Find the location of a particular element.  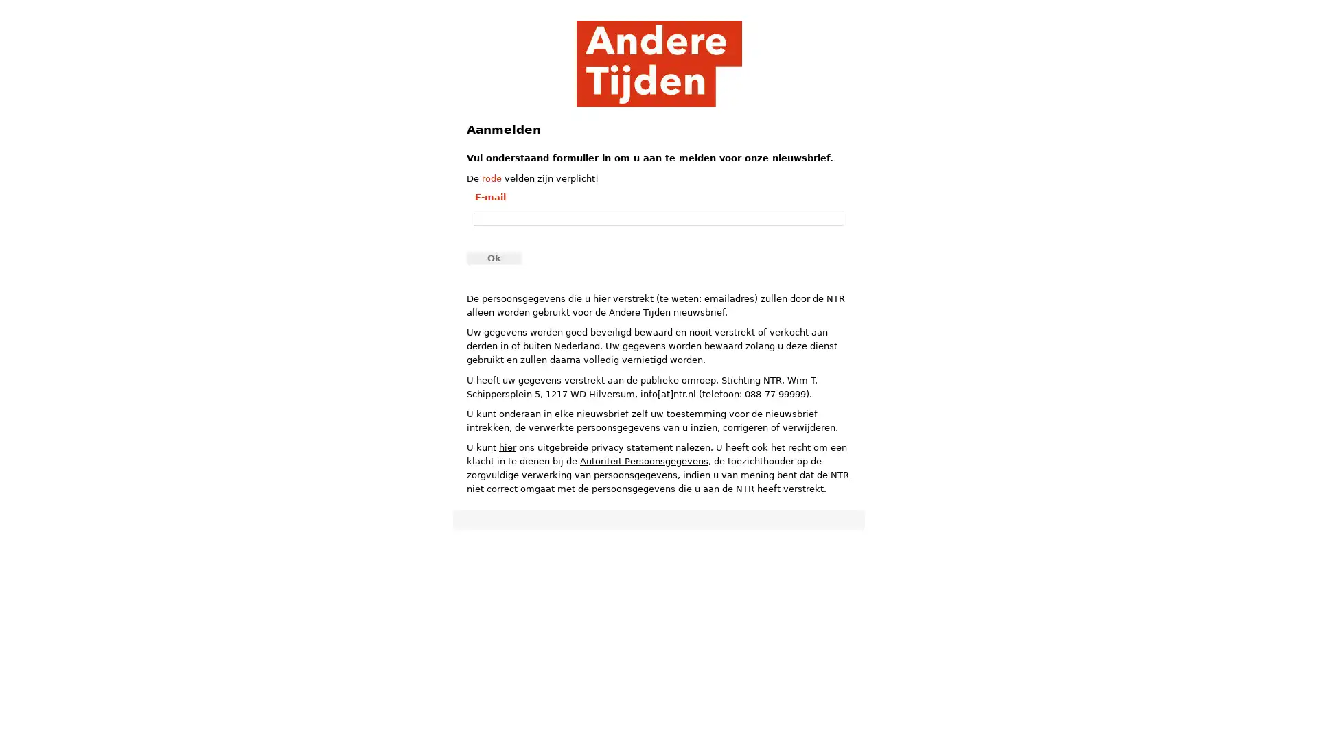

Ok is located at coordinates (494, 258).